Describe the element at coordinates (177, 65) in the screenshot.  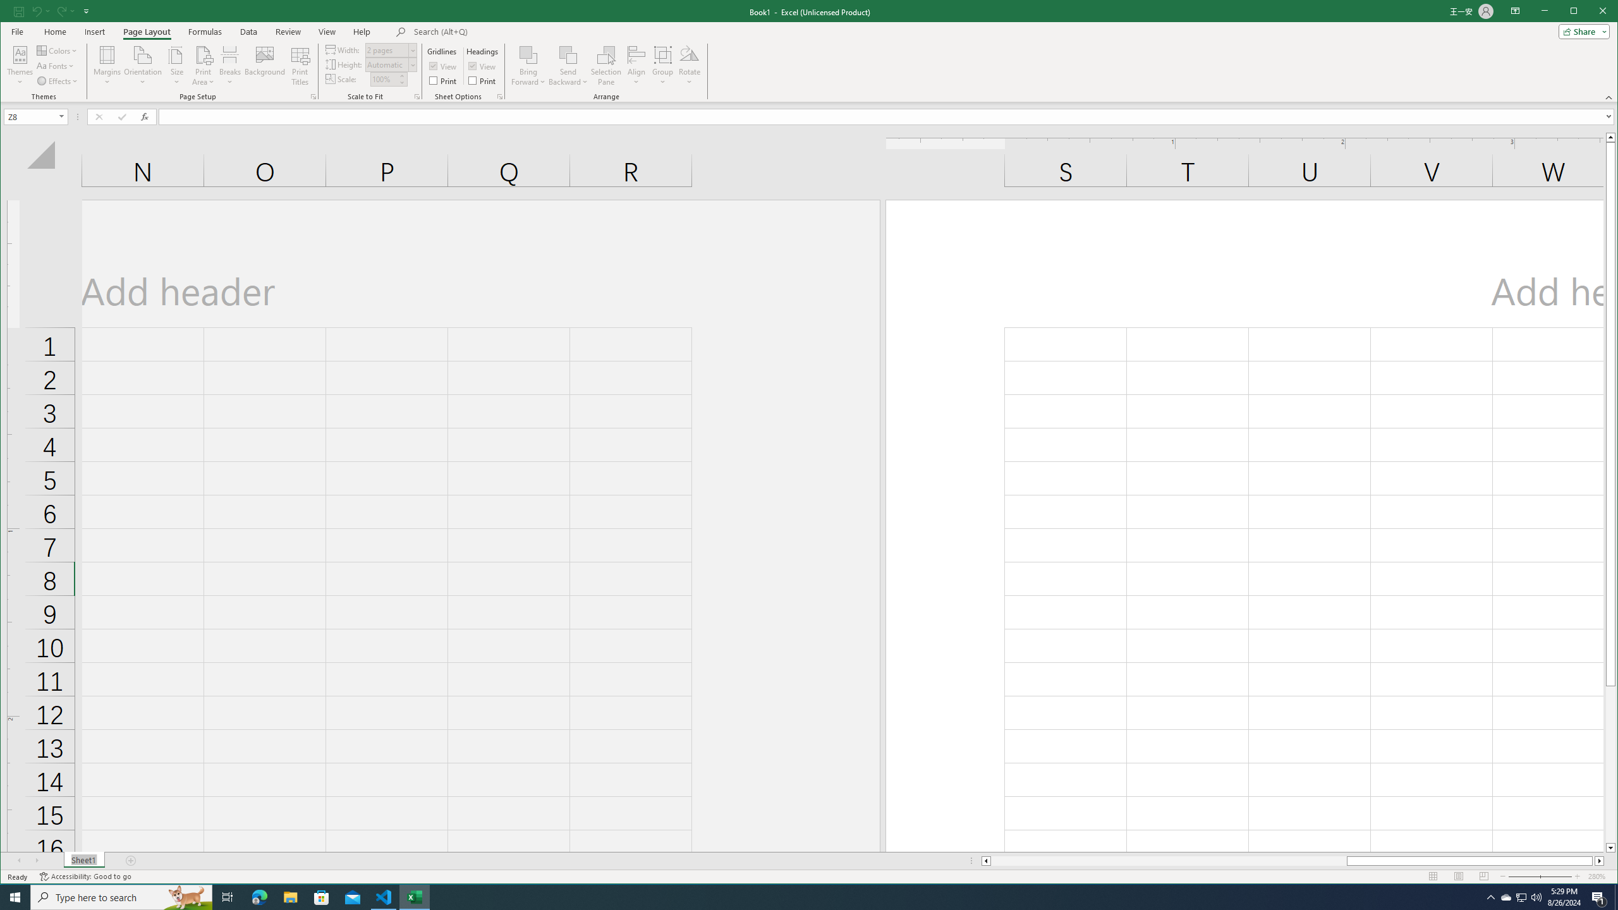
I see `'Size'` at that location.